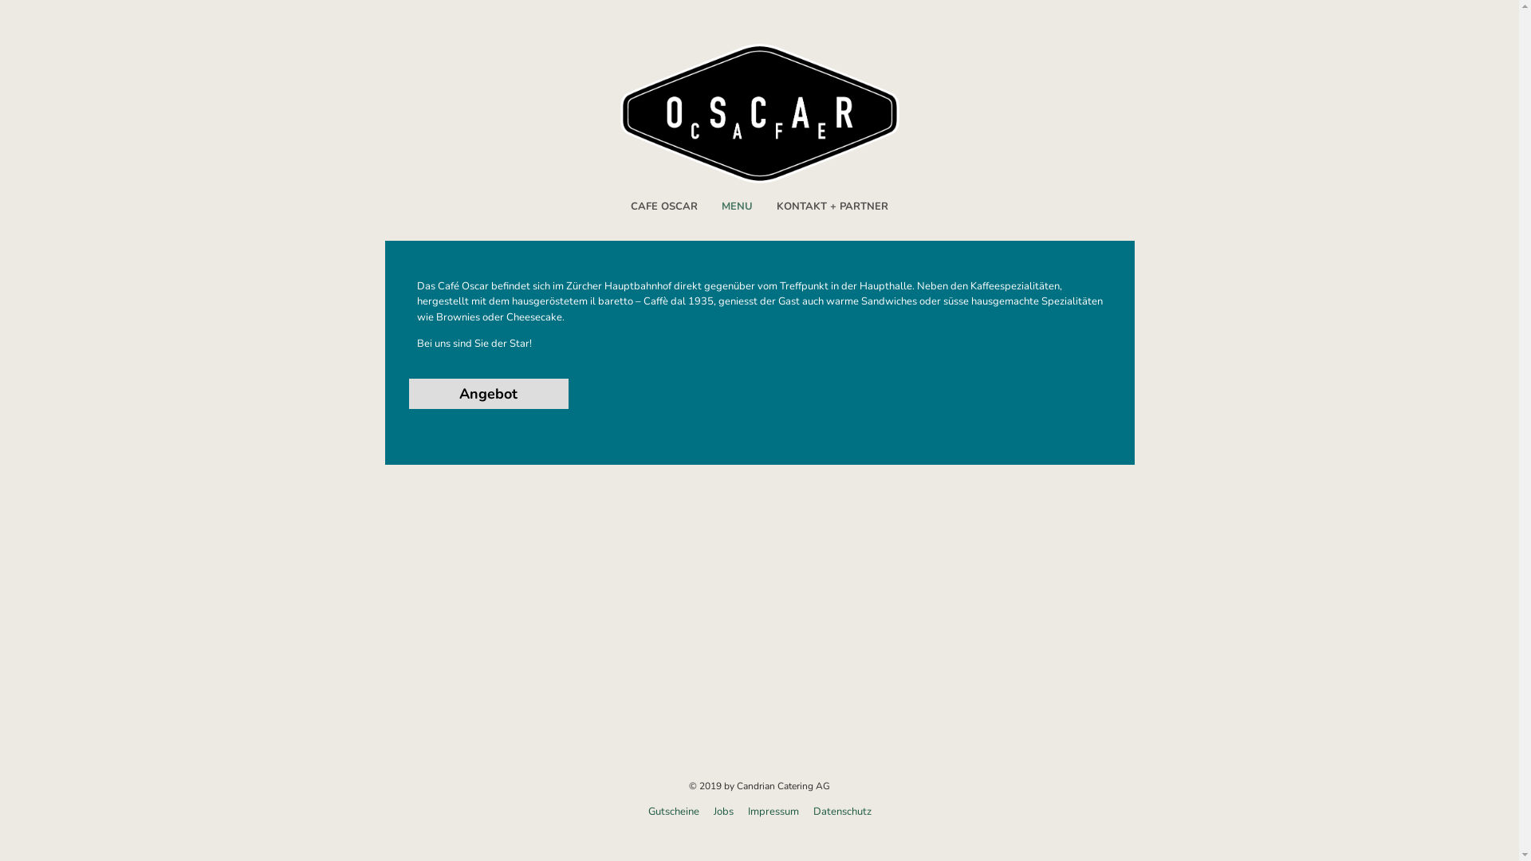 This screenshot has height=861, width=1531. I want to click on 'Gutscheine', so click(673, 812).